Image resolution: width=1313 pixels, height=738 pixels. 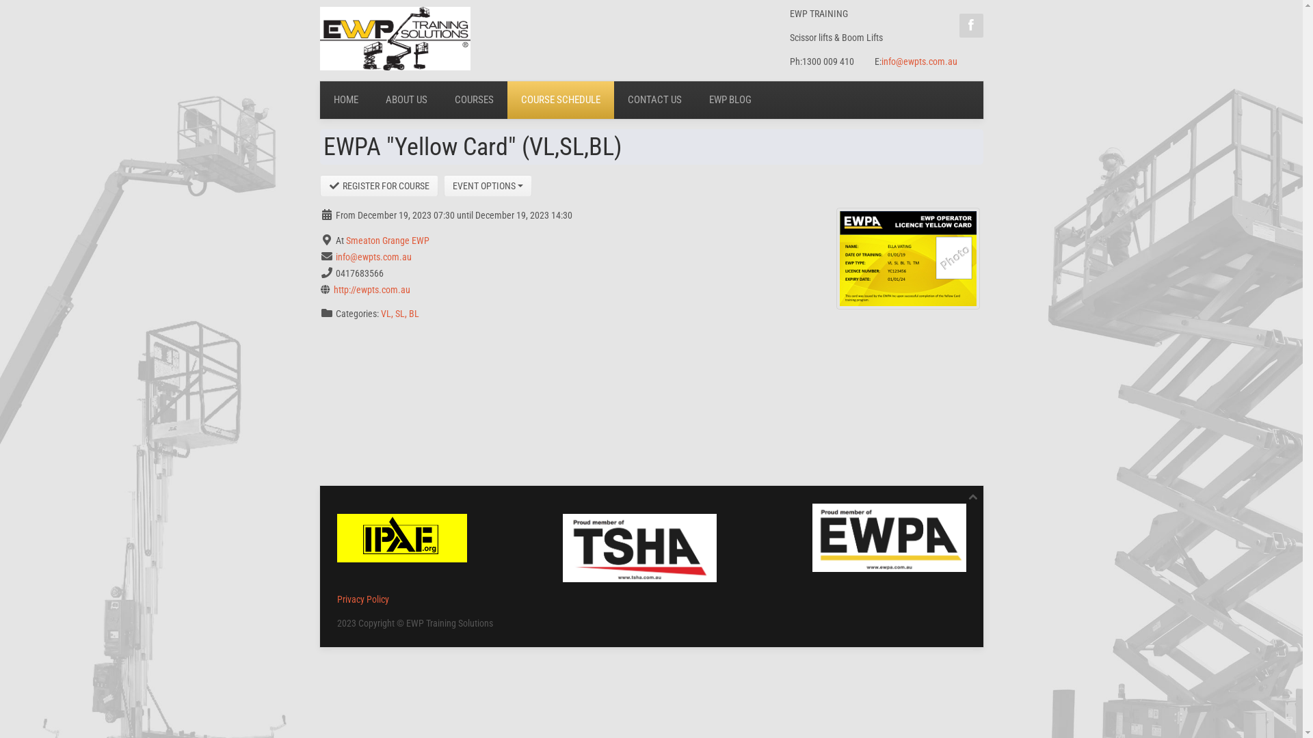 What do you see at coordinates (336, 598) in the screenshot?
I see `'Privacy Policy '` at bounding box center [336, 598].